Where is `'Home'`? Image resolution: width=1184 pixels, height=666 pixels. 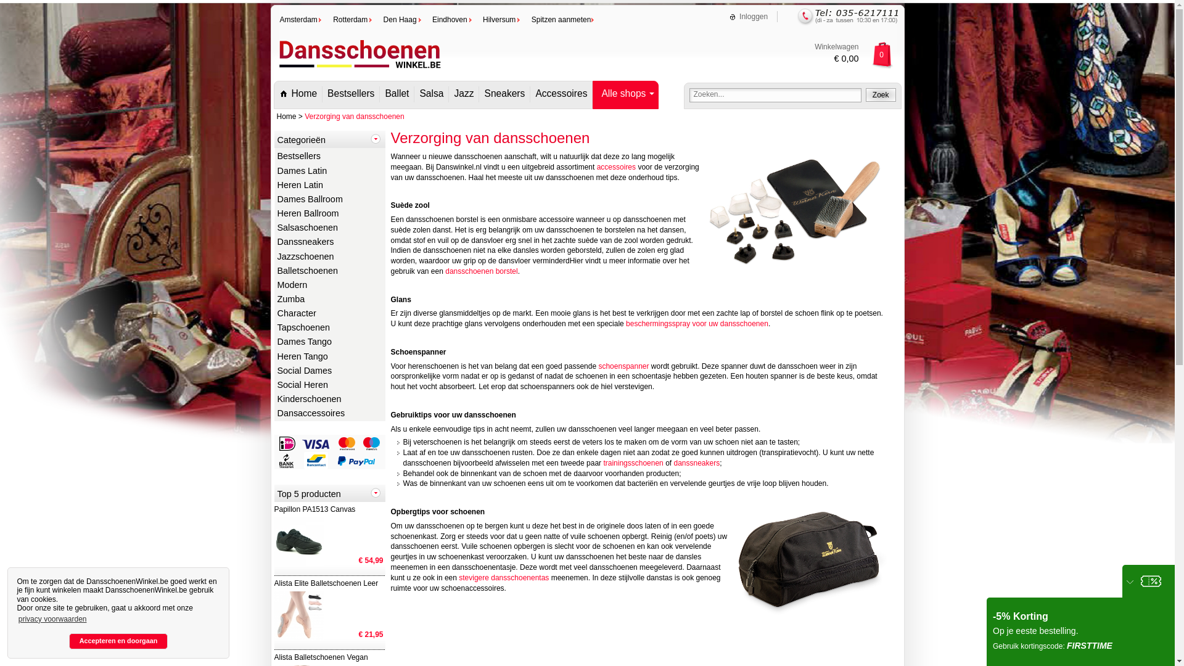 'Home' is located at coordinates (298, 94).